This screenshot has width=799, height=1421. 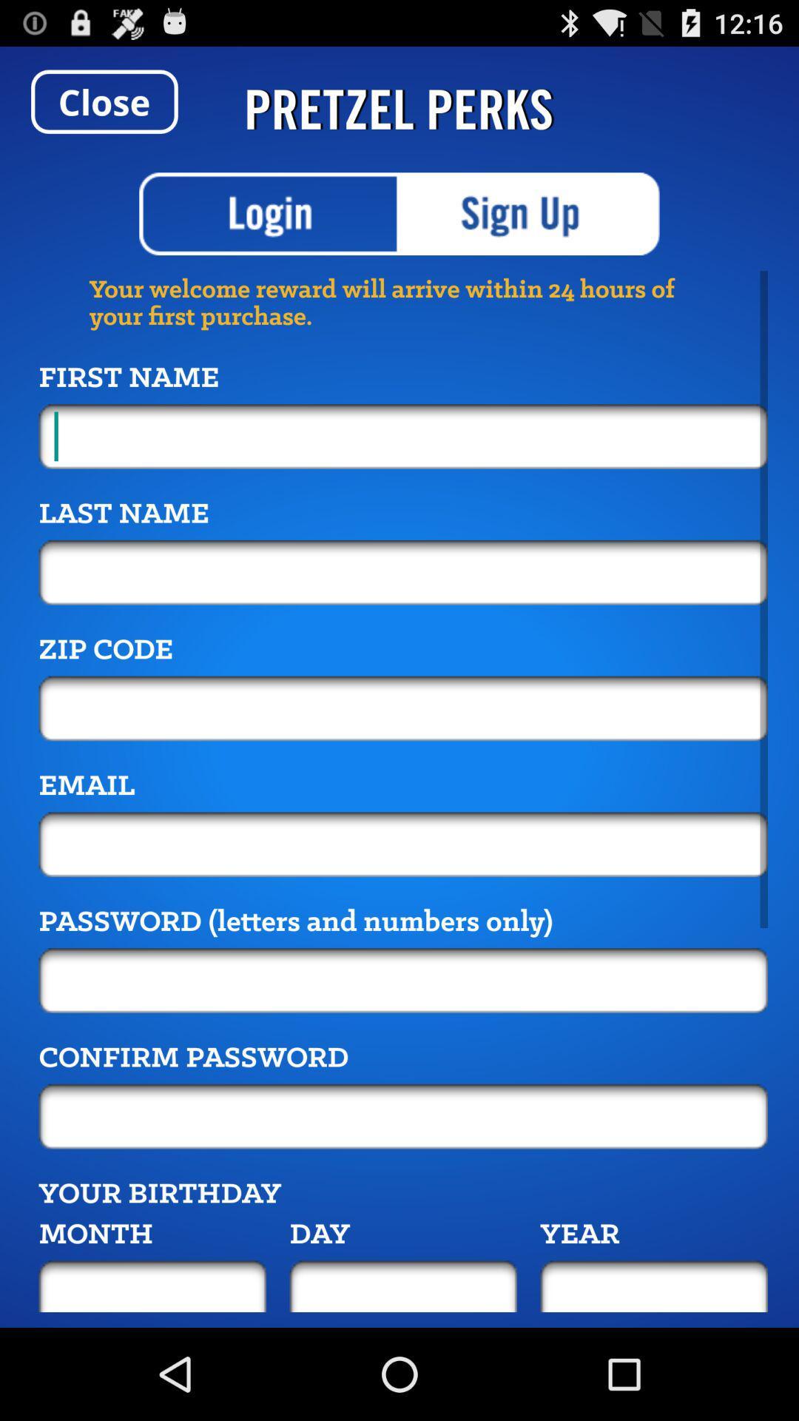 What do you see at coordinates (653, 1285) in the screenshot?
I see `the box below year` at bounding box center [653, 1285].